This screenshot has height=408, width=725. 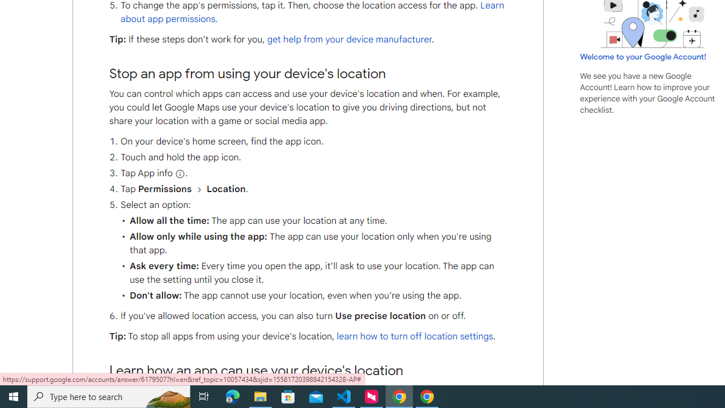 I want to click on 'Welcome to your Google Account!', so click(x=643, y=56).